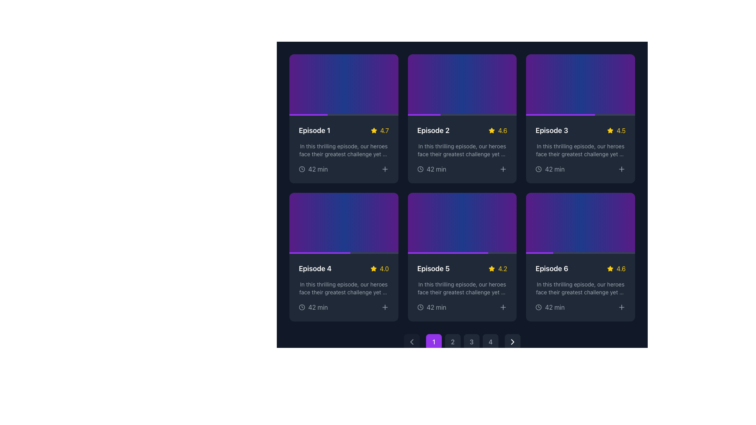  I want to click on the text display indicating the duration of the content (42 minutes) located at the bottom of the first episode card, below the description text and alongside a clock icon, so click(318, 168).